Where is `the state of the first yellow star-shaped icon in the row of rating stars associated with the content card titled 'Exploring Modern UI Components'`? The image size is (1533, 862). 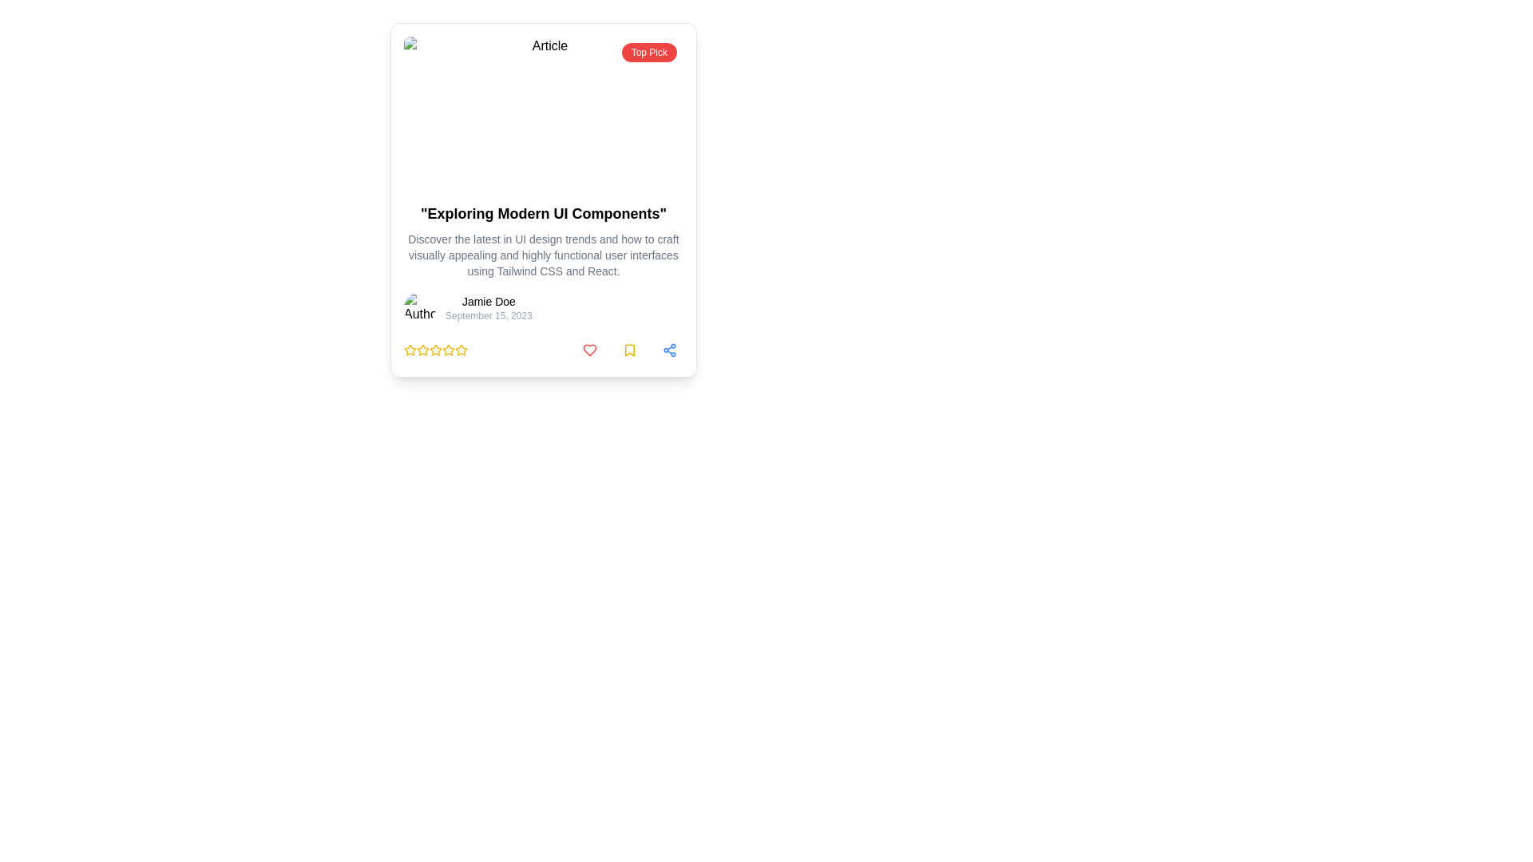
the state of the first yellow star-shaped icon in the row of rating stars associated with the content card titled 'Exploring Modern UI Components' is located at coordinates (410, 350).